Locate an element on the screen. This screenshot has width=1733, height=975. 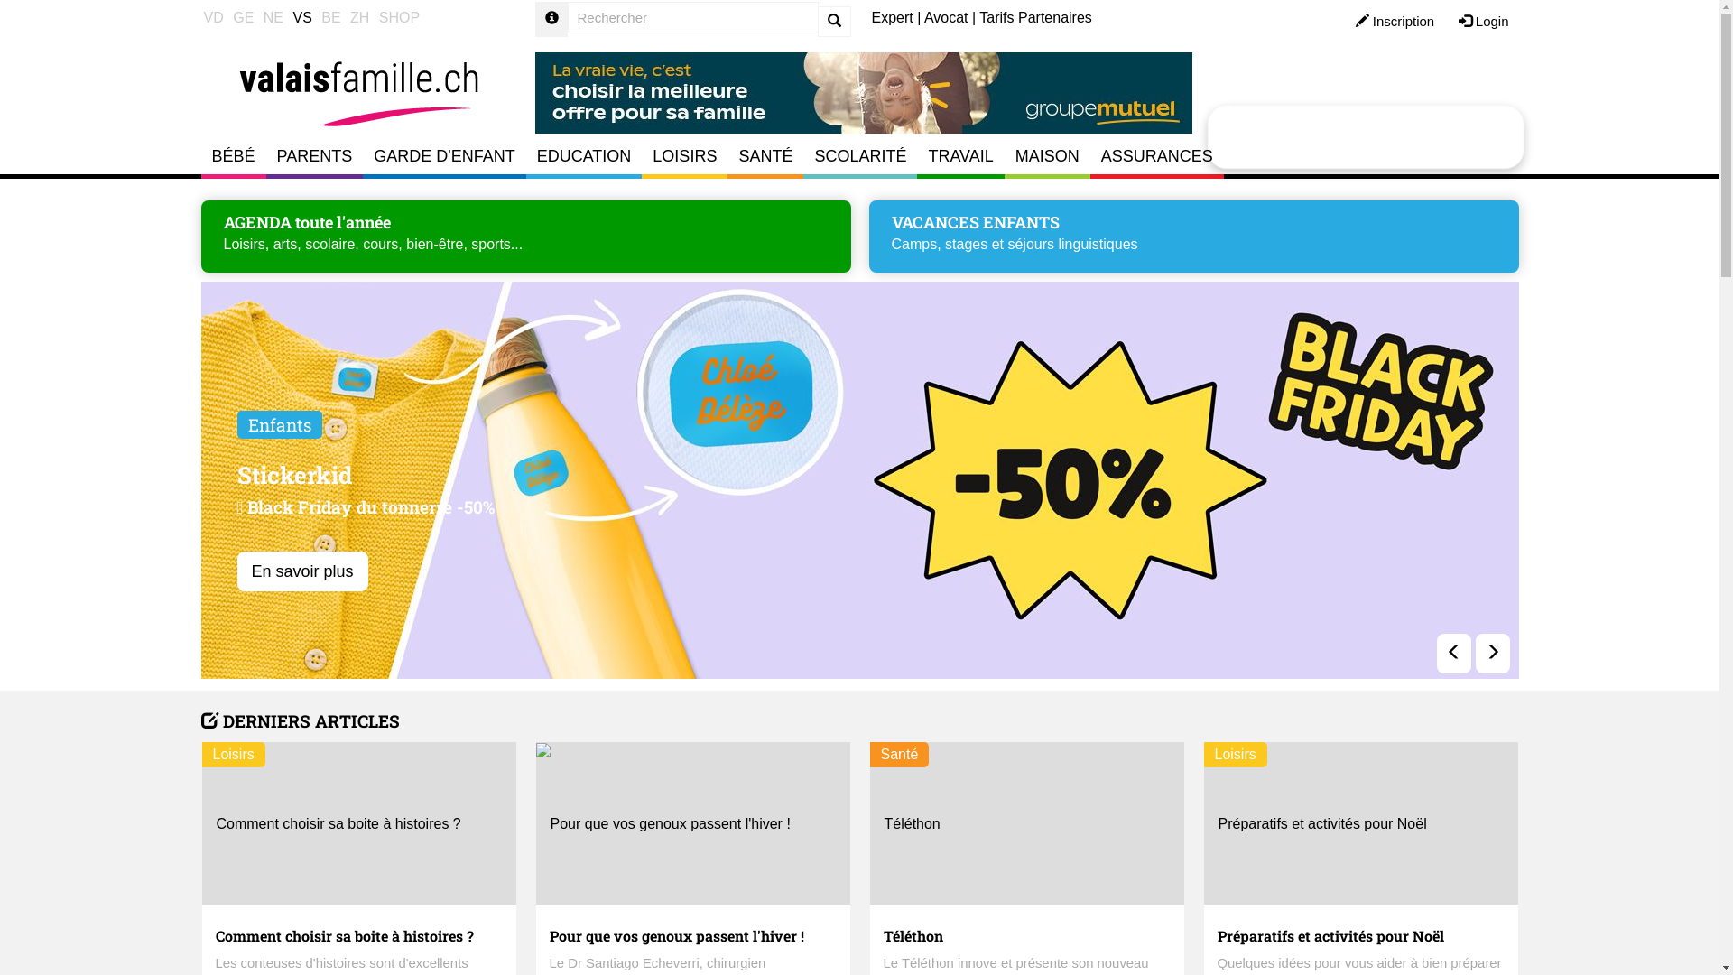
'GE' is located at coordinates (242, 18).